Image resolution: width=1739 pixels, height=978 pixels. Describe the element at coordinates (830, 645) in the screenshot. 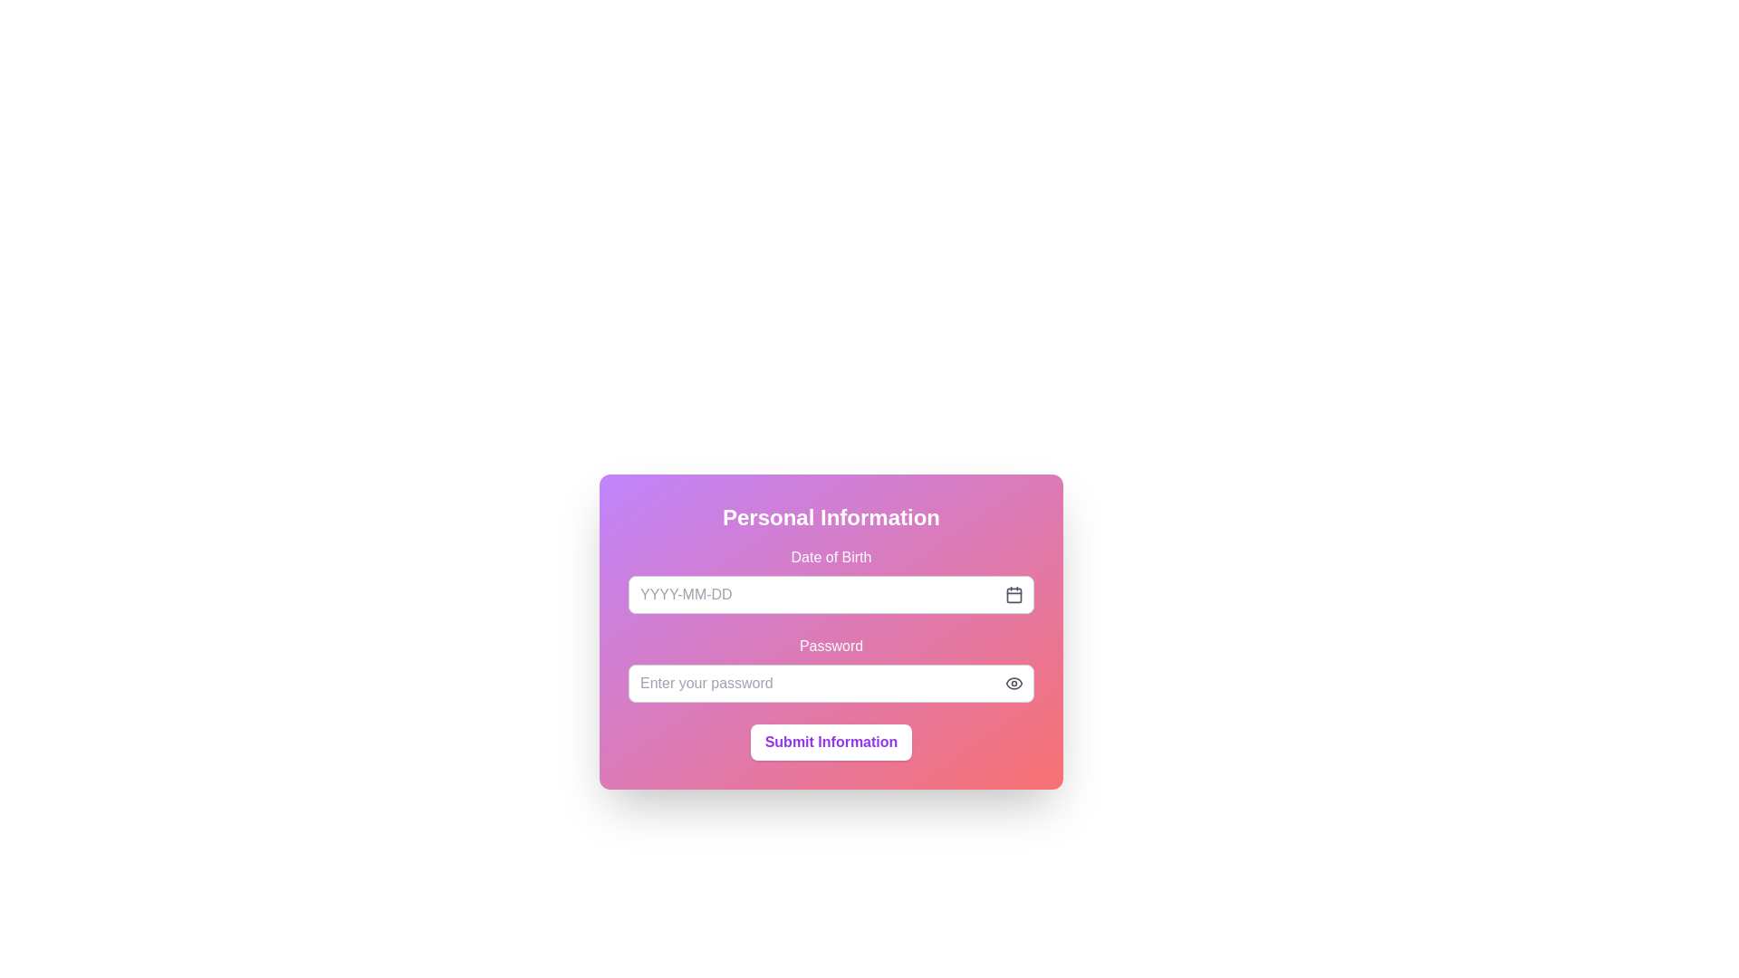

I see `the 'Password' label, which is displayed in bold white font on a gradient background, positioned above the password input field` at that location.